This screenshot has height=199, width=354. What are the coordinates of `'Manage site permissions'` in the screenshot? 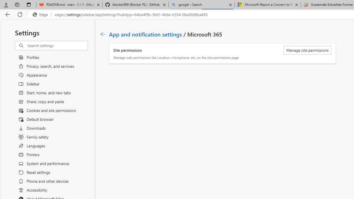 It's located at (307, 50).